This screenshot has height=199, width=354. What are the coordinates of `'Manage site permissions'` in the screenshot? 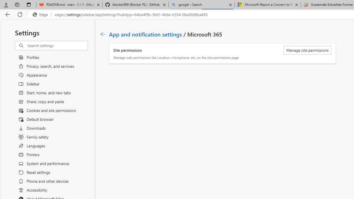 It's located at (307, 50).